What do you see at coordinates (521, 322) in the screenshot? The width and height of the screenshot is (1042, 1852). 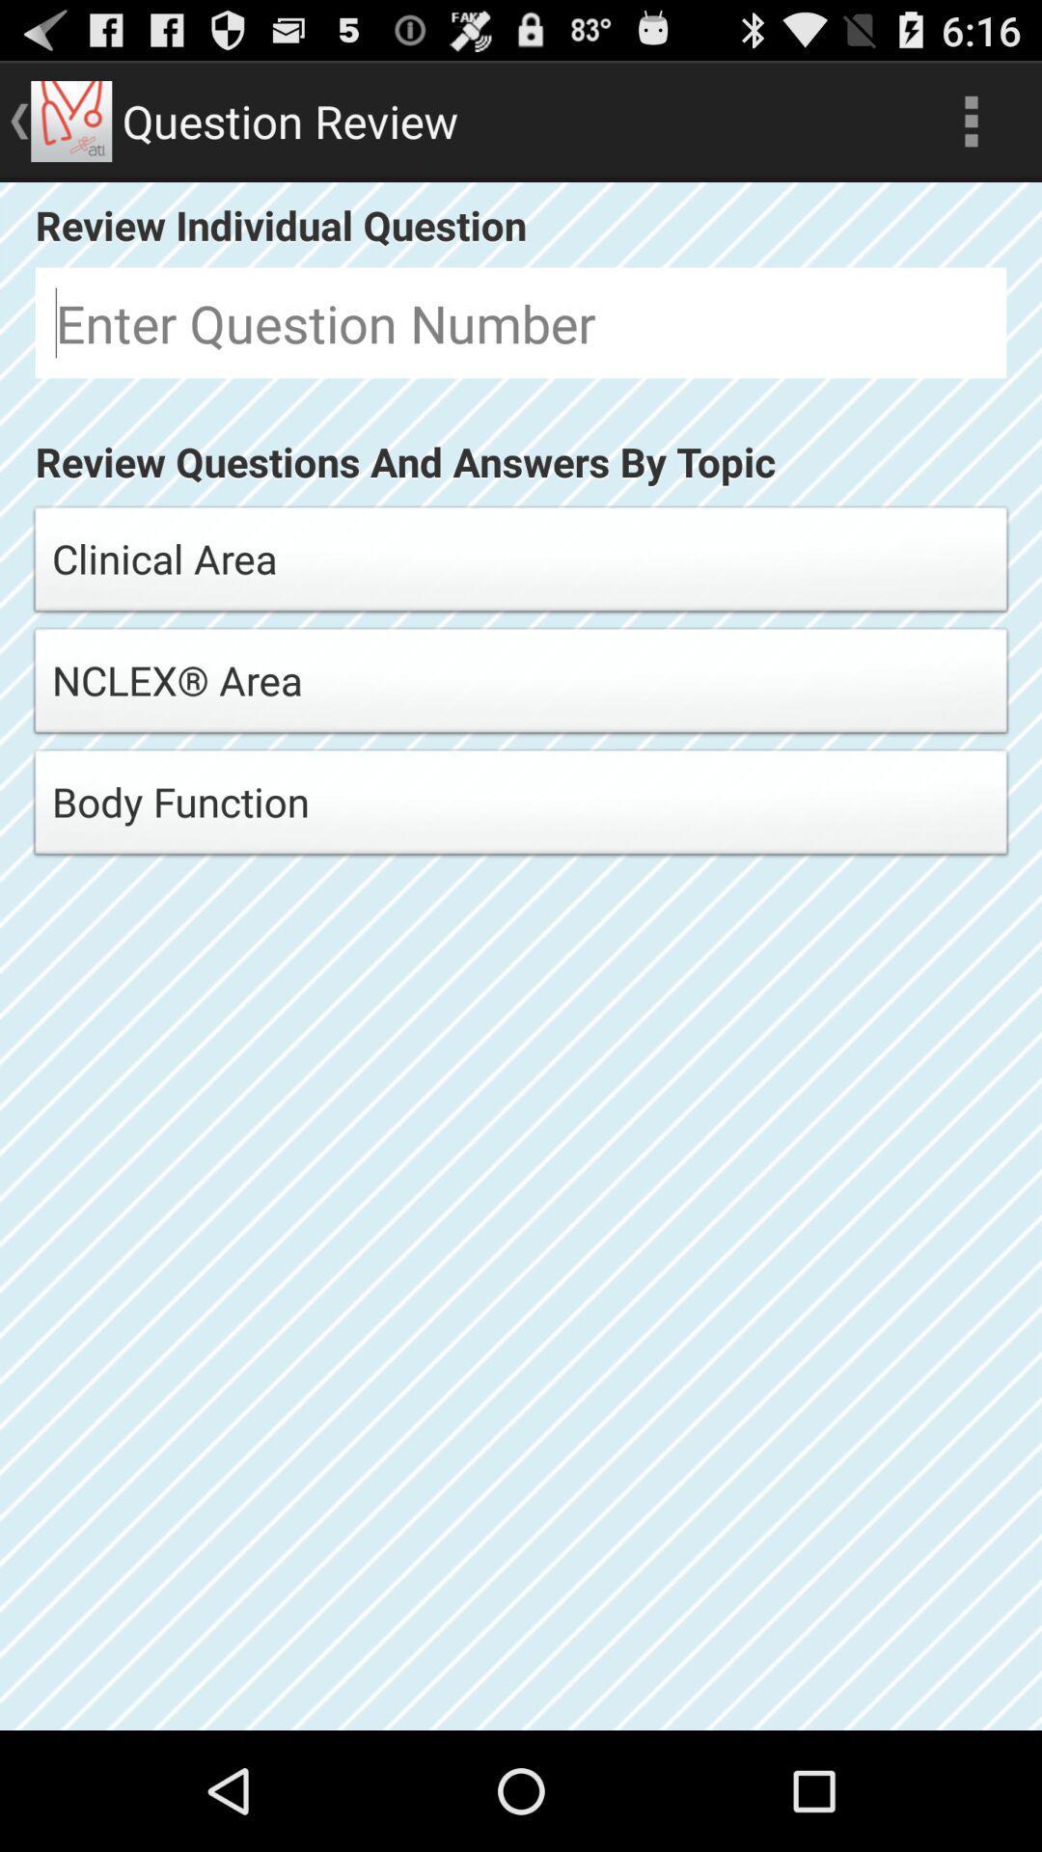 I see `question number` at bounding box center [521, 322].